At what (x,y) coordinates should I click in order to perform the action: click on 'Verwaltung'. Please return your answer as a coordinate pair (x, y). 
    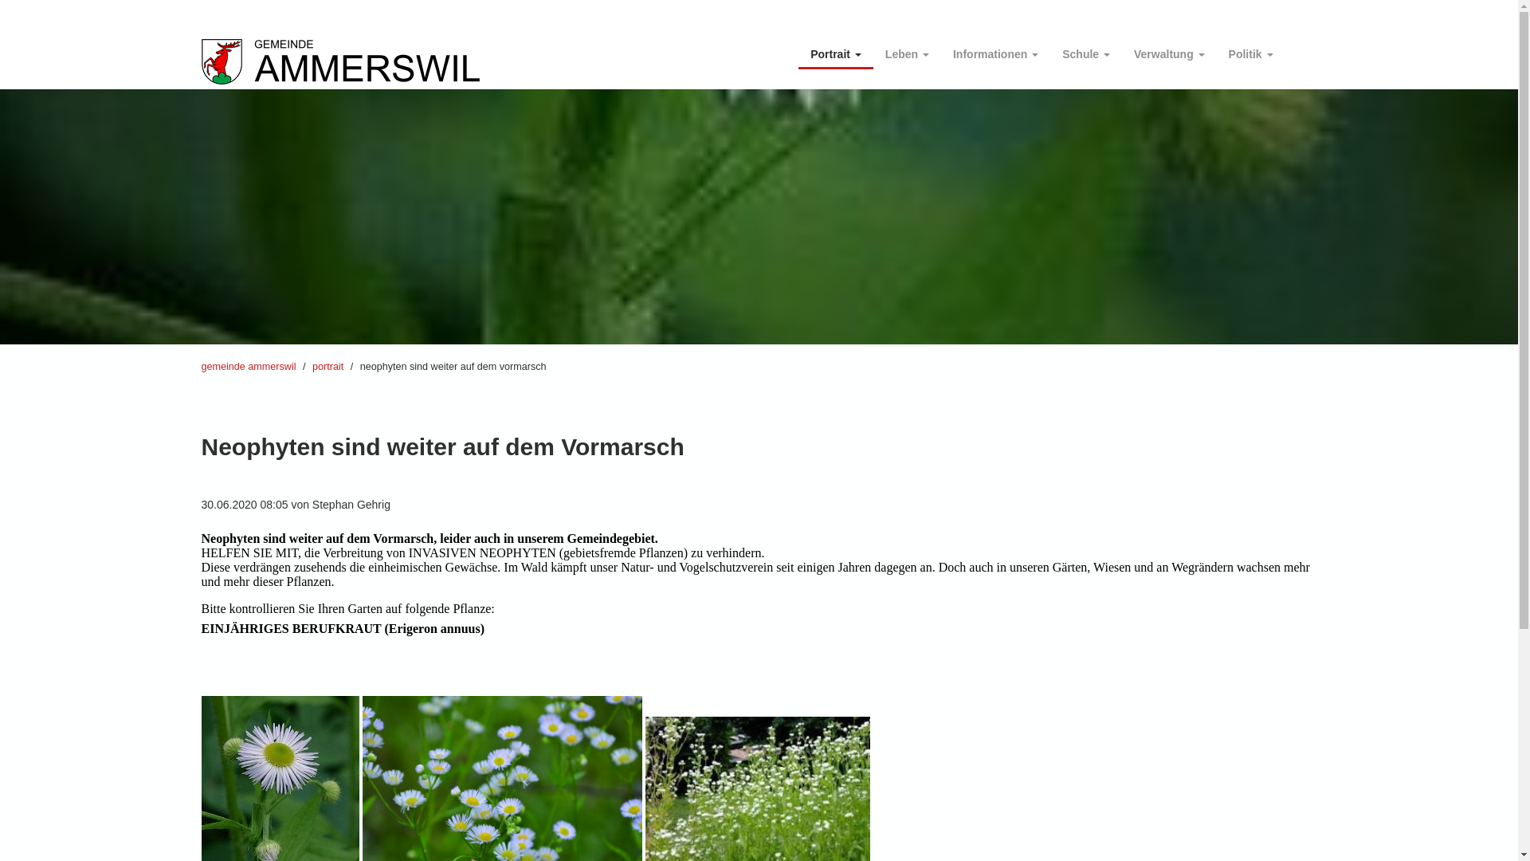
    Looking at the image, I should click on (1169, 49).